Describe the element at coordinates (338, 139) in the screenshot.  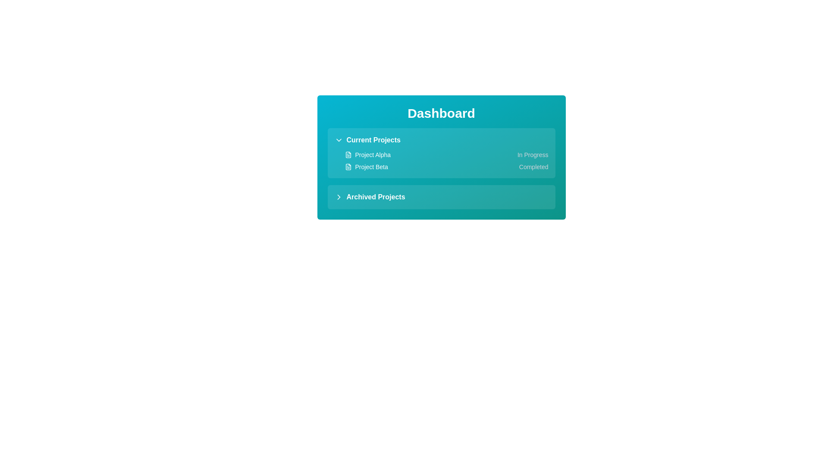
I see `the small downward-pointing chevron icon located to the left of the 'Current Projects' text in the Dashboard section` at that location.